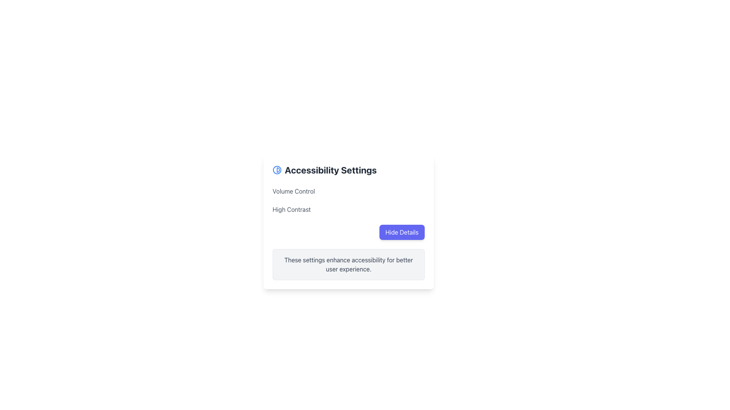  Describe the element at coordinates (348, 264) in the screenshot. I see `text content from the gray box with rounded corners that contains the text 'These settings enhance accessibility for better user experience.'` at that location.